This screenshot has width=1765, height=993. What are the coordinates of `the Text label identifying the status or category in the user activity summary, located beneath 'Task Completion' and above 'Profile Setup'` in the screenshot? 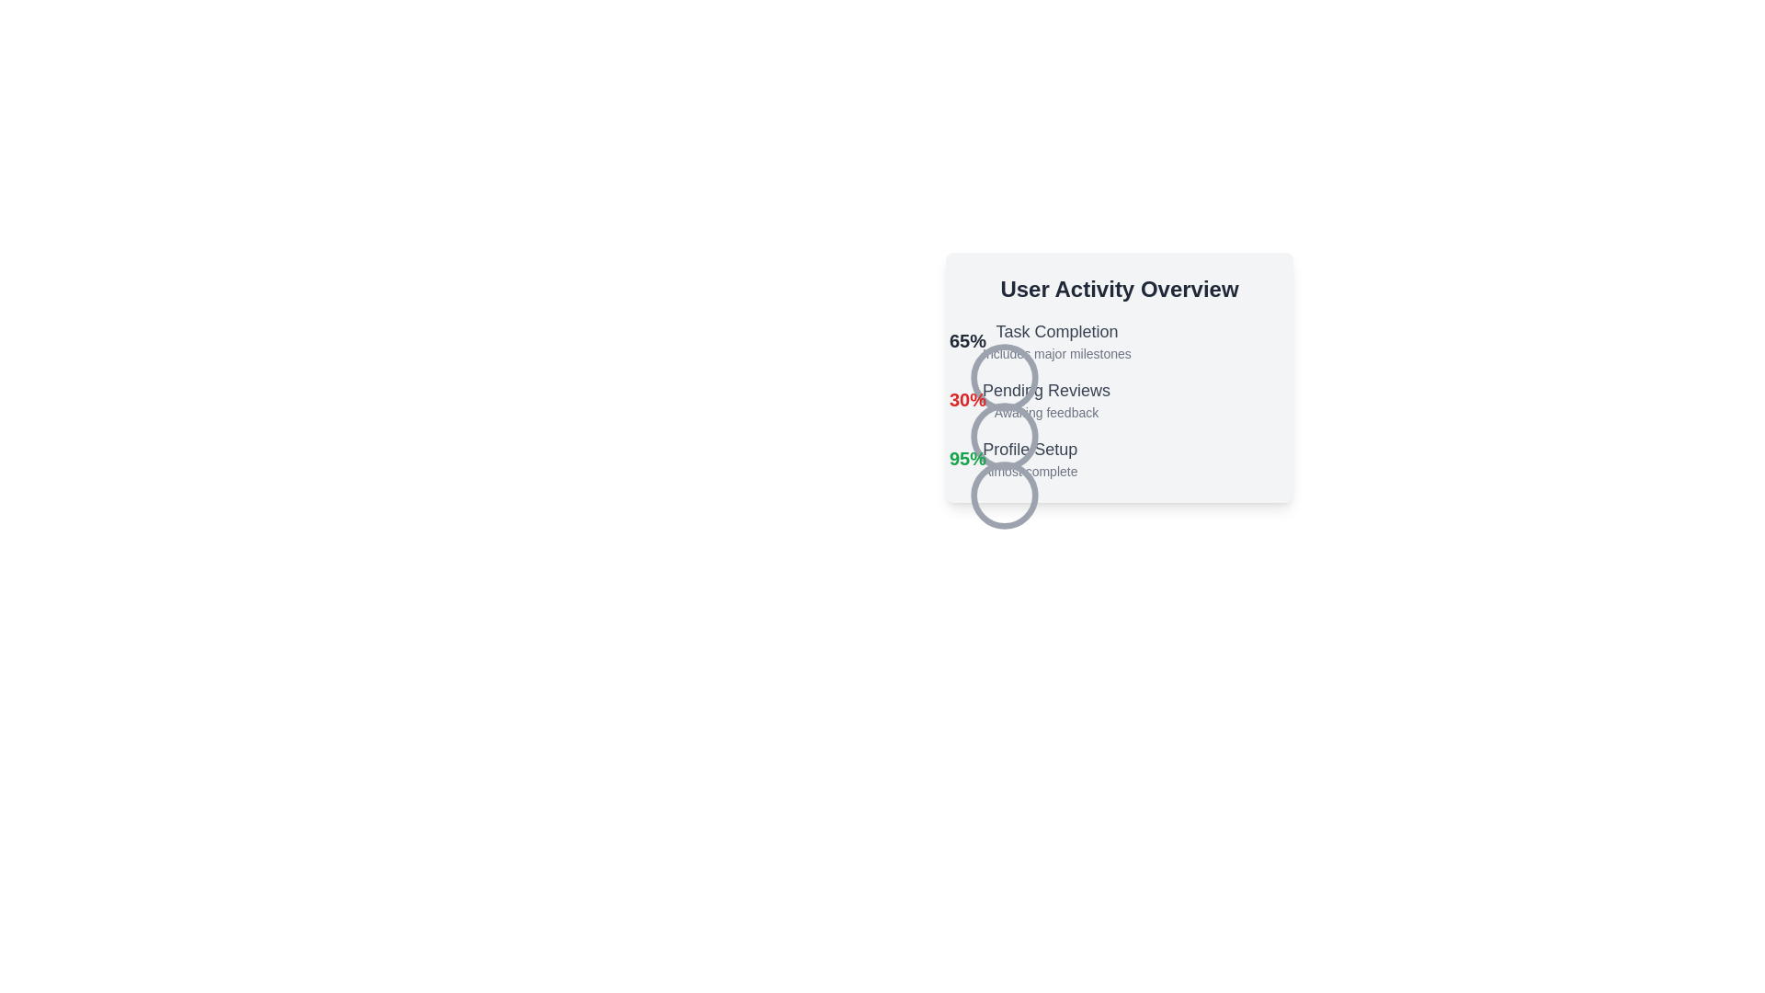 It's located at (1046, 389).